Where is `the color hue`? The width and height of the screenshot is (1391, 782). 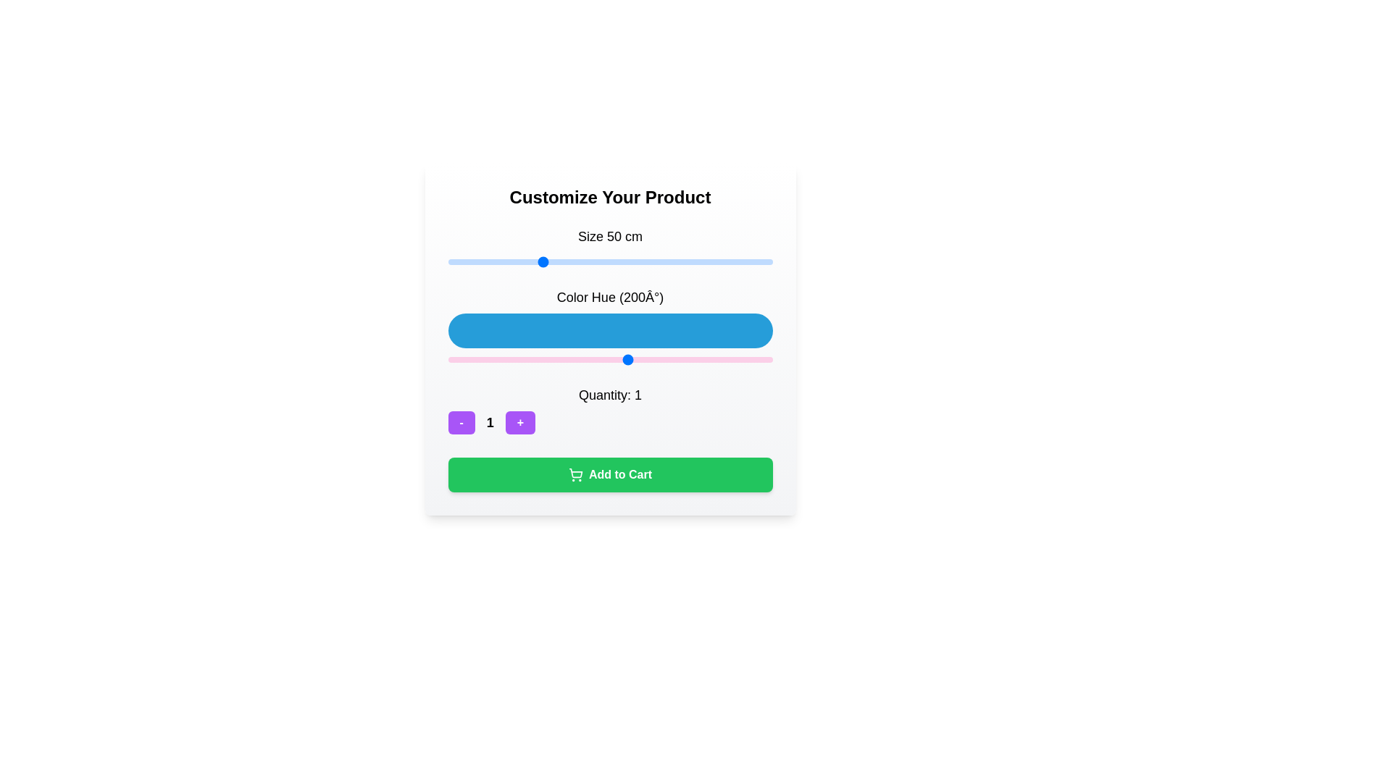
the color hue is located at coordinates (525, 359).